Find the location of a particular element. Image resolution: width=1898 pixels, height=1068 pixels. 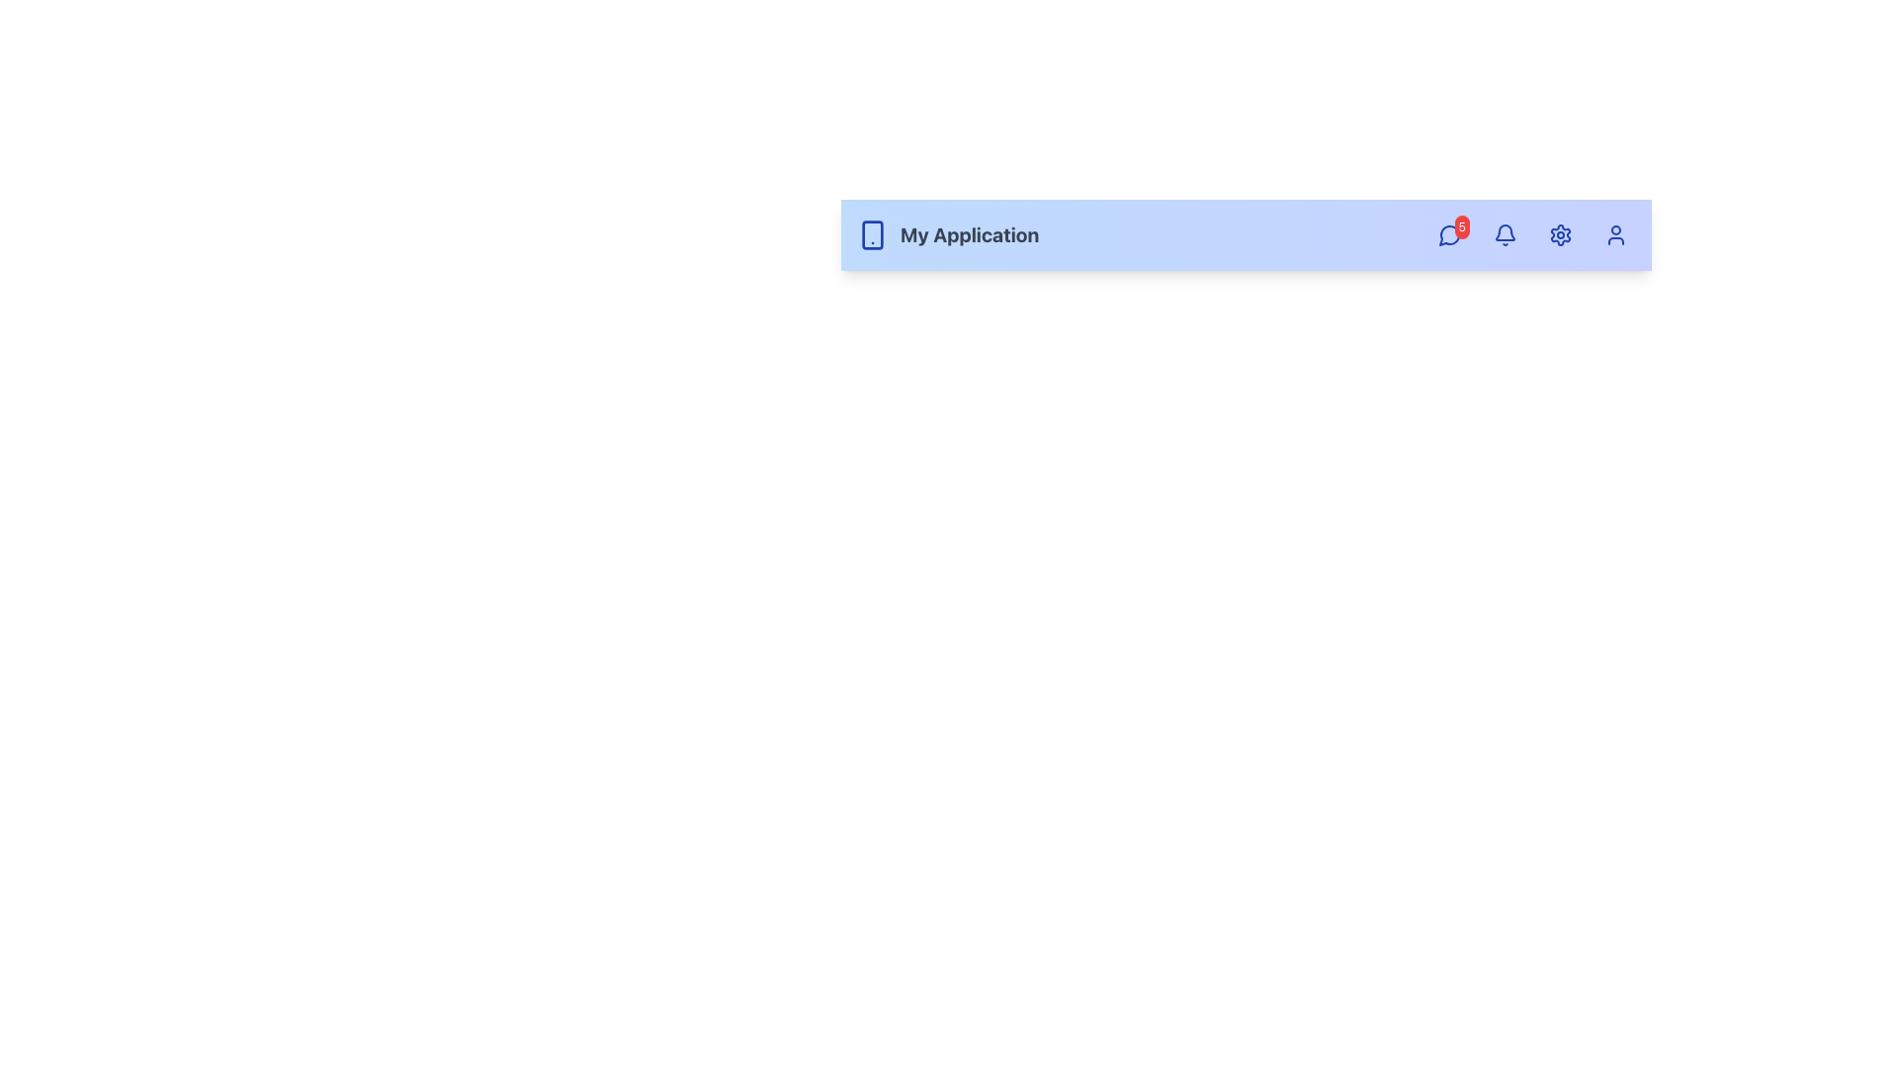

the gear icon in the navigation bar, which is the fourth icon from the left is located at coordinates (1560, 234).